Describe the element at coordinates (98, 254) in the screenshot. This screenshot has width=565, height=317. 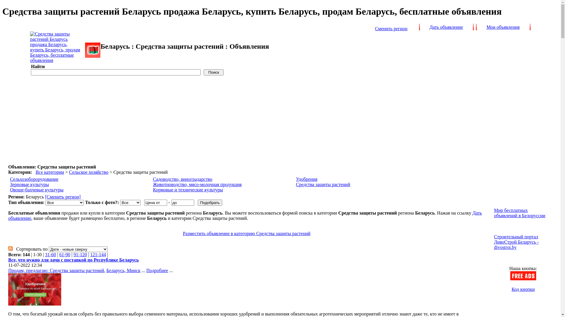
I see `'121-144'` at that location.